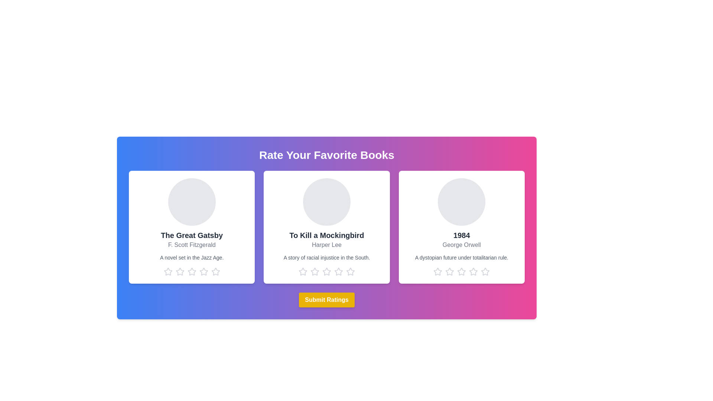 The image size is (713, 401). What do you see at coordinates (315, 272) in the screenshot?
I see `the star corresponding to 2 stars for the book titled To Kill a Mockingbird` at bounding box center [315, 272].